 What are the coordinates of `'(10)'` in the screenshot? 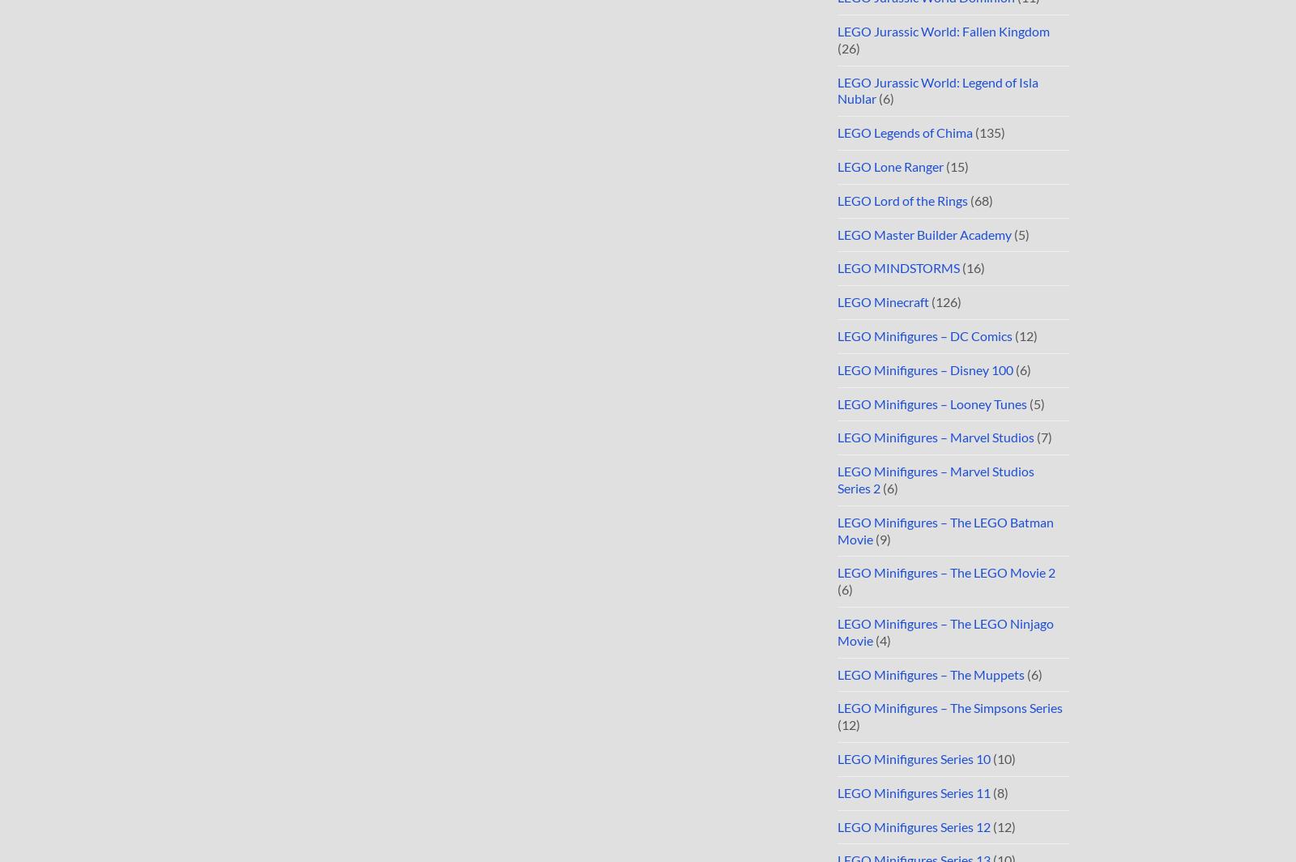 It's located at (1002, 757).